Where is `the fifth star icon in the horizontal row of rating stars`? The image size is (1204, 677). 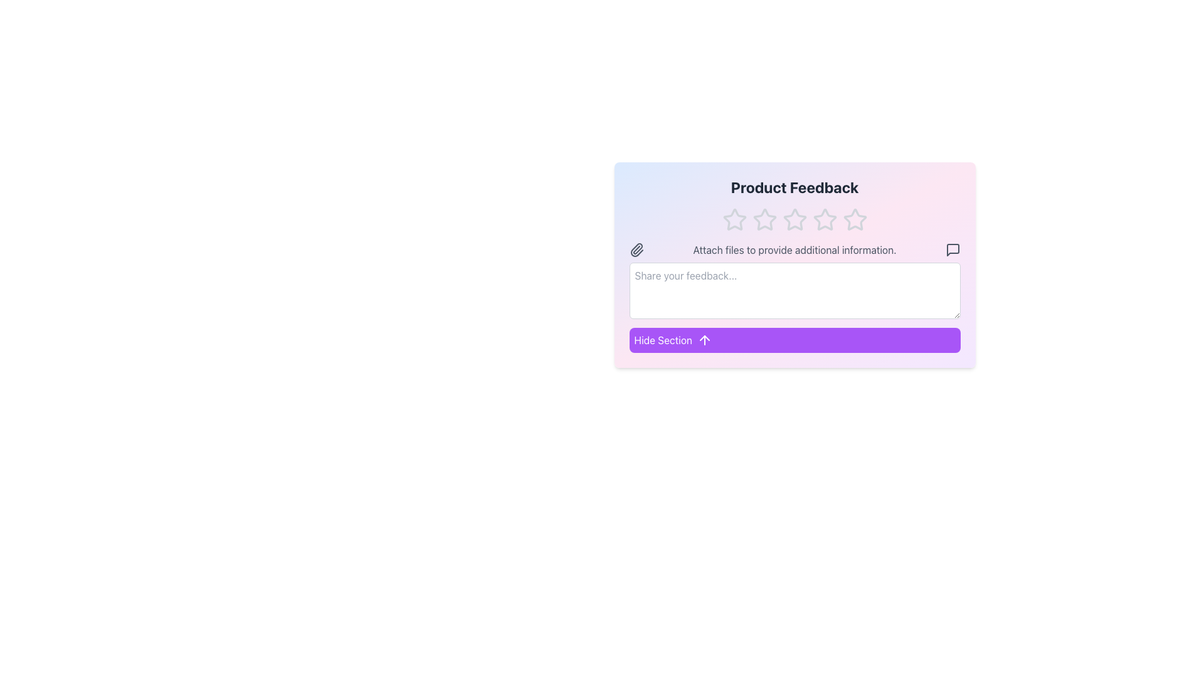 the fifth star icon in the horizontal row of rating stars is located at coordinates (854, 219).